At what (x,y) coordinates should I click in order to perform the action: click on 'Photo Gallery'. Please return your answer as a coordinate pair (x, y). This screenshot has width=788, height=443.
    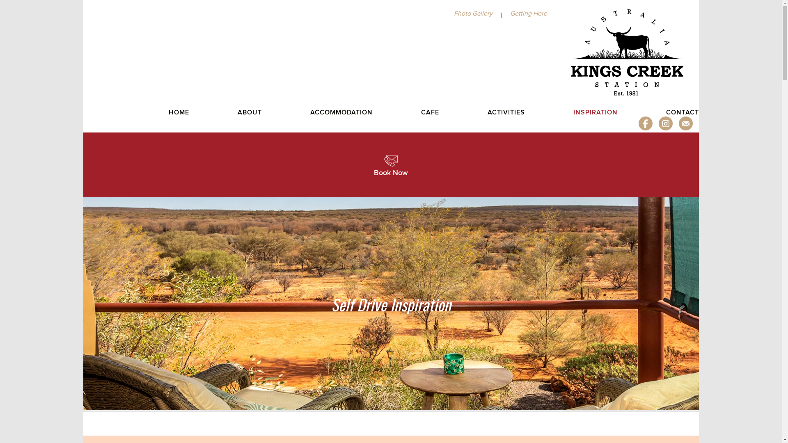
    Looking at the image, I should click on (473, 12).